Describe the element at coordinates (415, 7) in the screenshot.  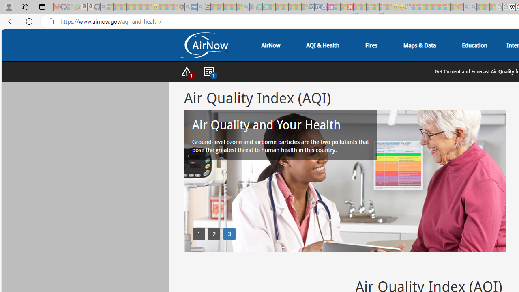
I see `'MSNBC - MSN - Sleeping'` at that location.